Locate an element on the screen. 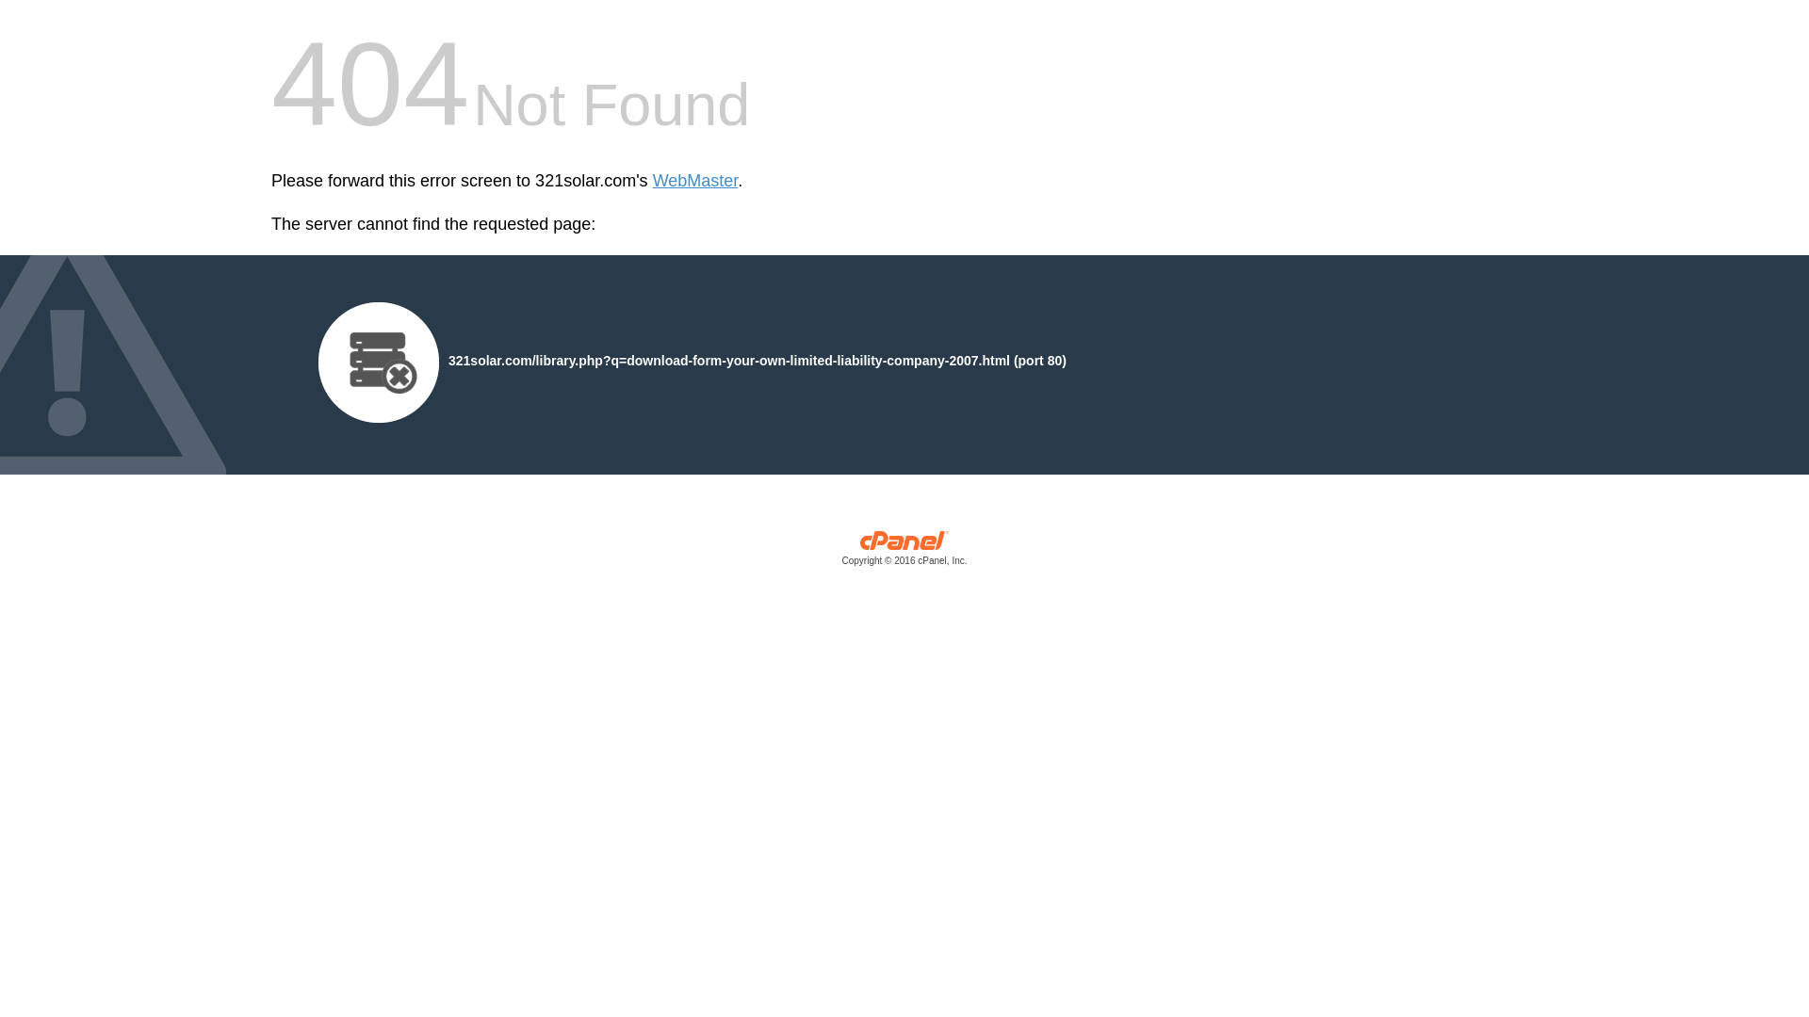 Image resolution: width=1809 pixels, height=1017 pixels. 'WebMaster' is located at coordinates (652, 181).